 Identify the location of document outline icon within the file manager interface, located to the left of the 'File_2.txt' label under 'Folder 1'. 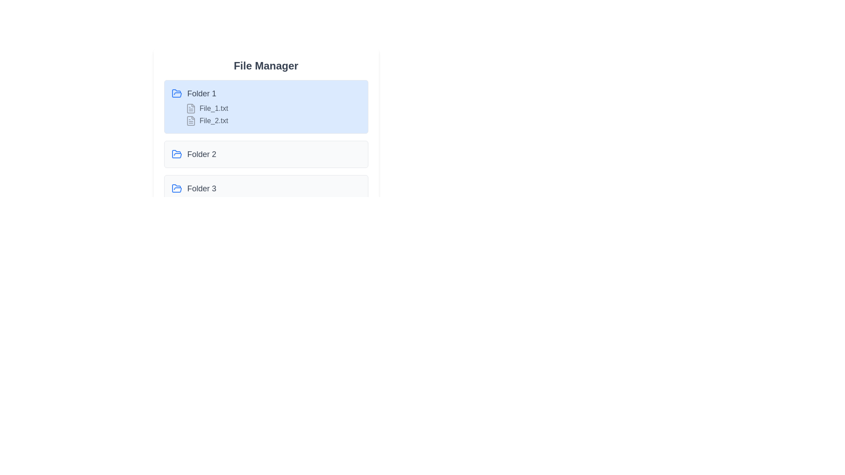
(190, 121).